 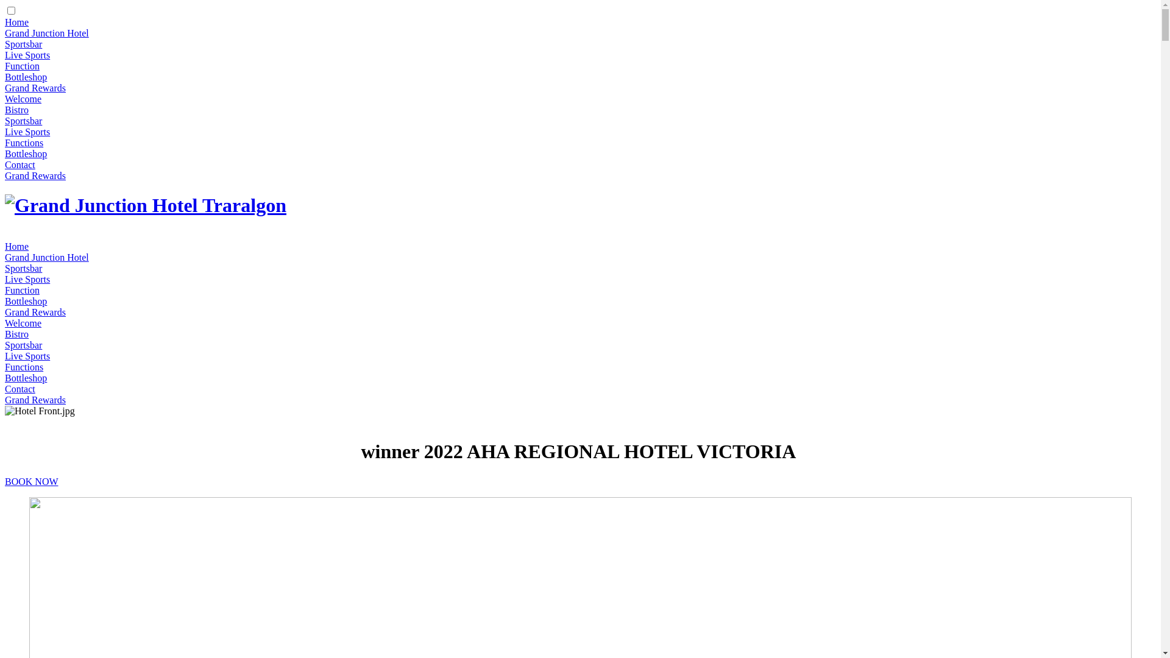 I want to click on 'Sportsbar', so click(x=23, y=43).